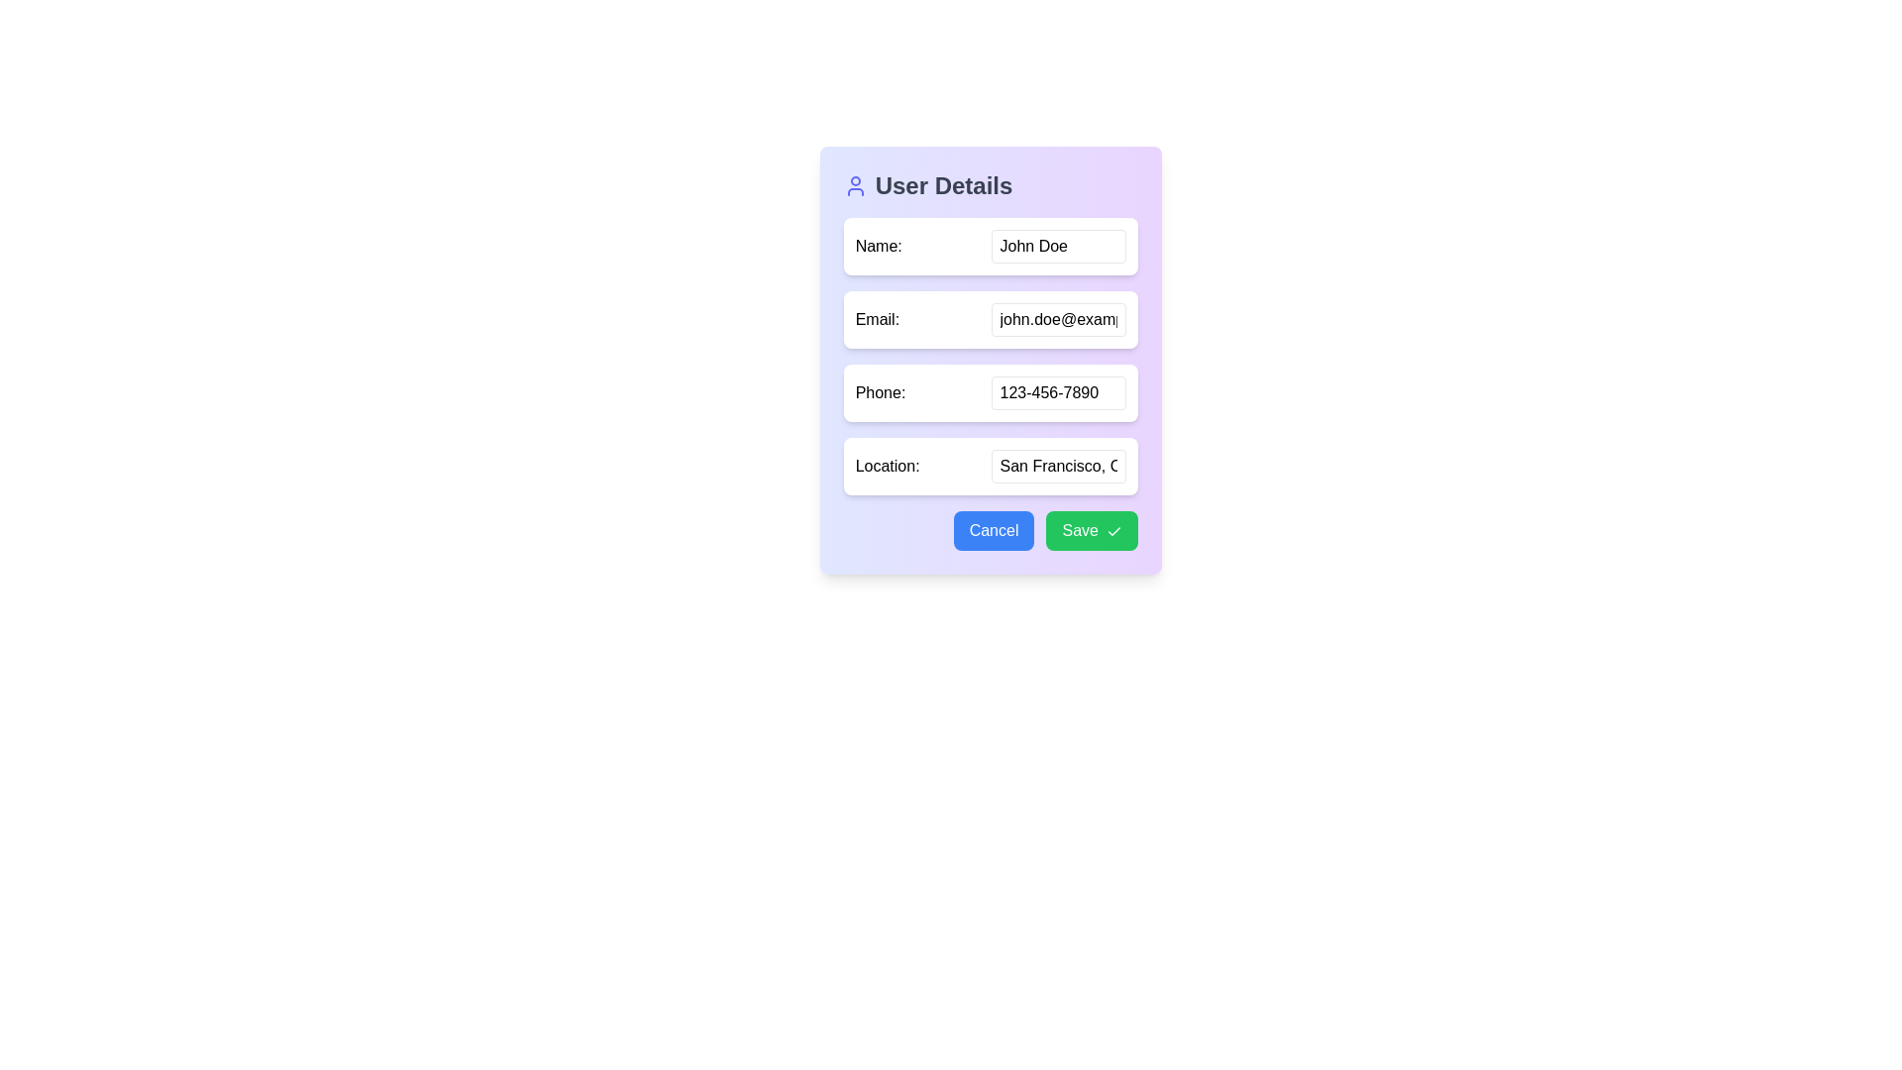 The width and height of the screenshot is (1902, 1070). I want to click on the header titled 'User Details' which includes an indigo user silhouette icon and bold gray text, positioned at the top of the user details form, so click(991, 186).